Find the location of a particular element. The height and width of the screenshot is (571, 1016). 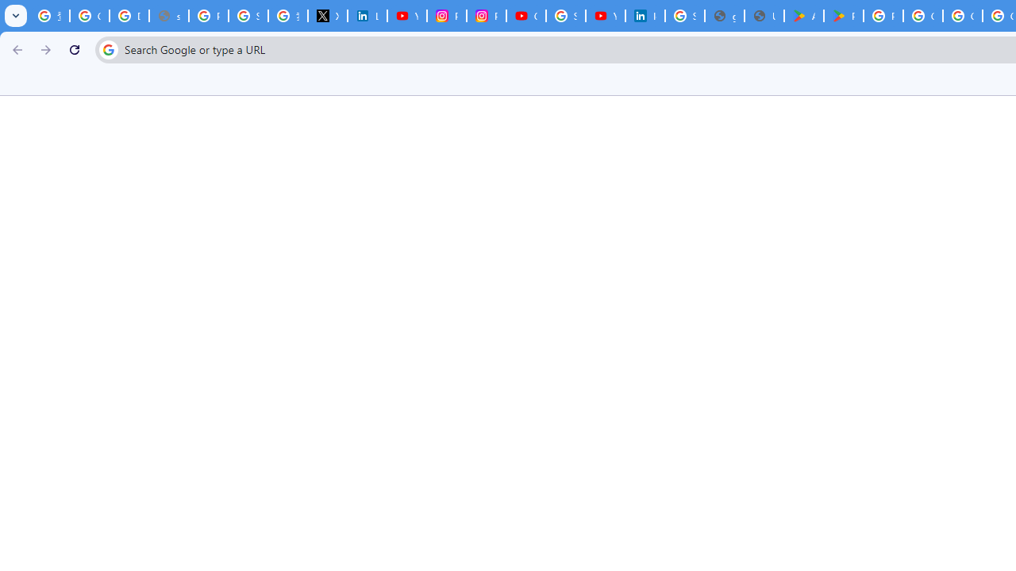

'YouTube Content Monetization Policies - How YouTube Works' is located at coordinates (406, 16).